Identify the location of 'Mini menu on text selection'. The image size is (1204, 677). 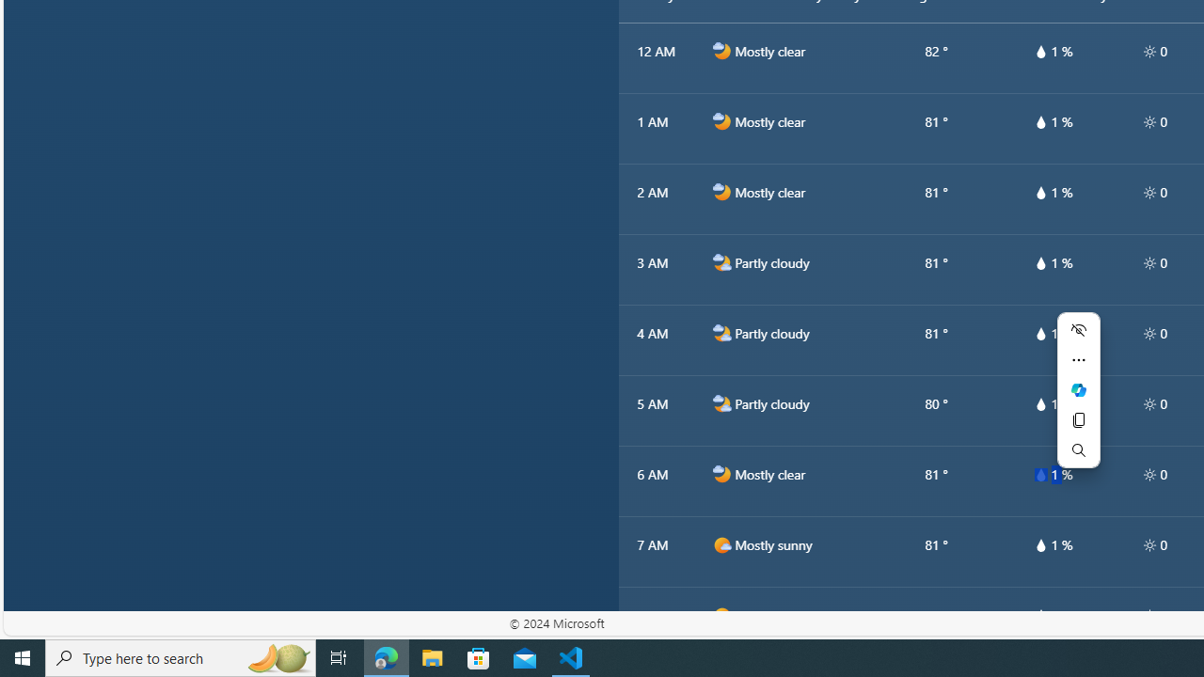
(1078, 388).